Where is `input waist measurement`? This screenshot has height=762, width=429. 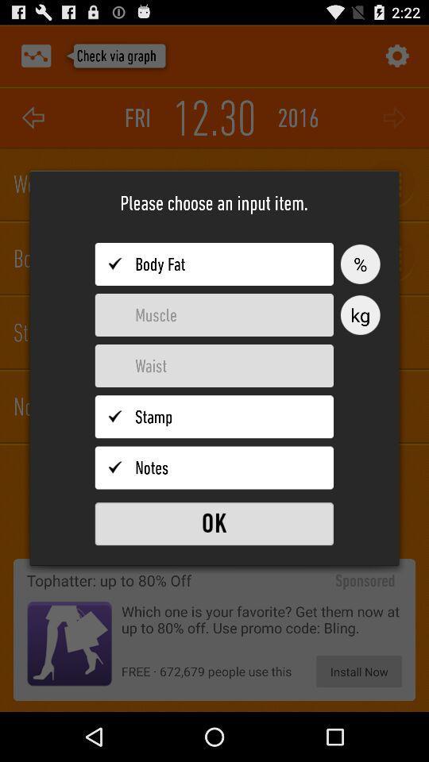 input waist measurement is located at coordinates (214, 366).